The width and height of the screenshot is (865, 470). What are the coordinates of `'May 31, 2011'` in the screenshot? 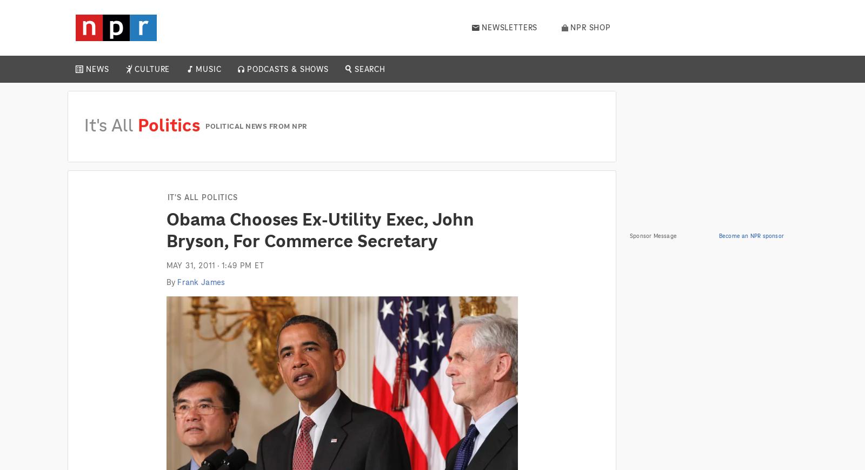 It's located at (190, 265).